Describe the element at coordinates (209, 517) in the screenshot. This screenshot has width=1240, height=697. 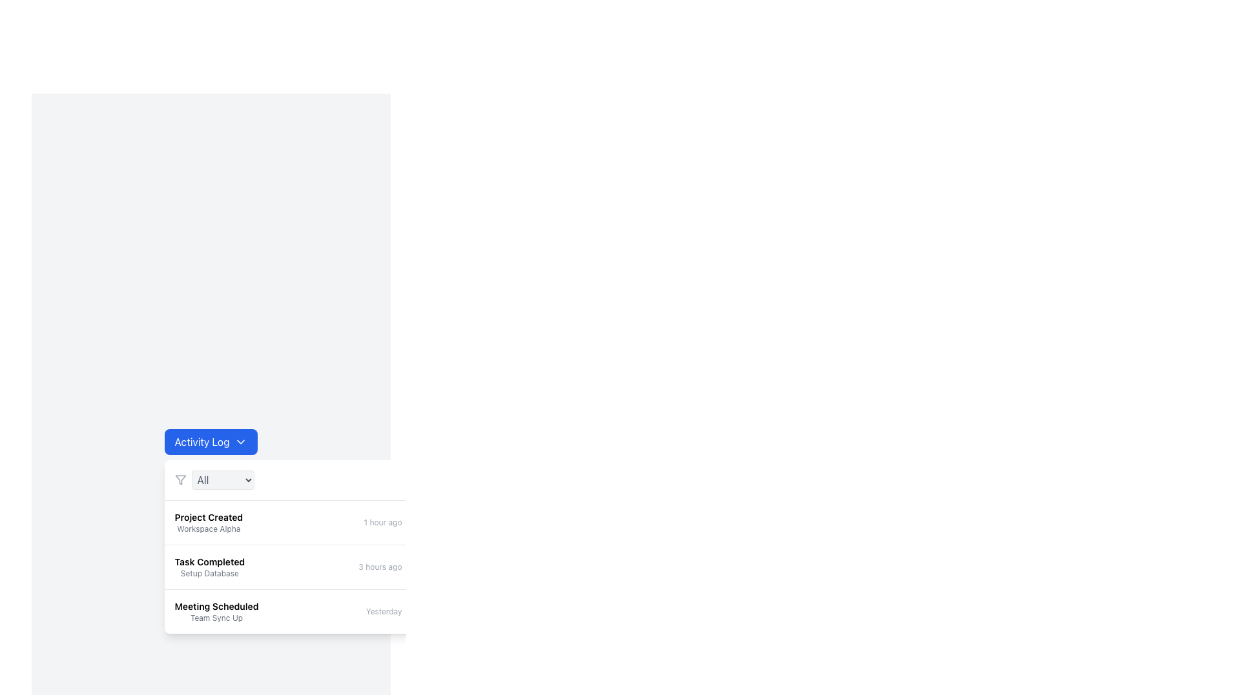
I see `the text label reading 'Project Created' that is styled in bold and larger font, located in the Activity Log section, above the smaller grayed description 'Workspace Alpha'` at that location.